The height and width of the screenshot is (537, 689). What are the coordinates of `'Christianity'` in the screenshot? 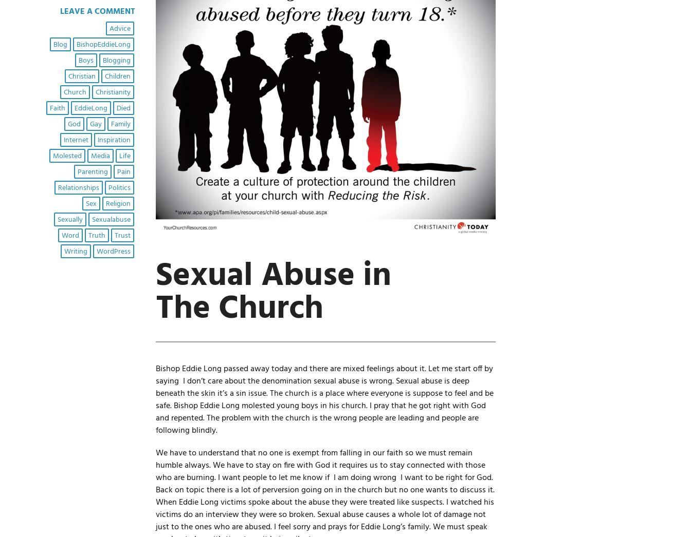 It's located at (112, 92).